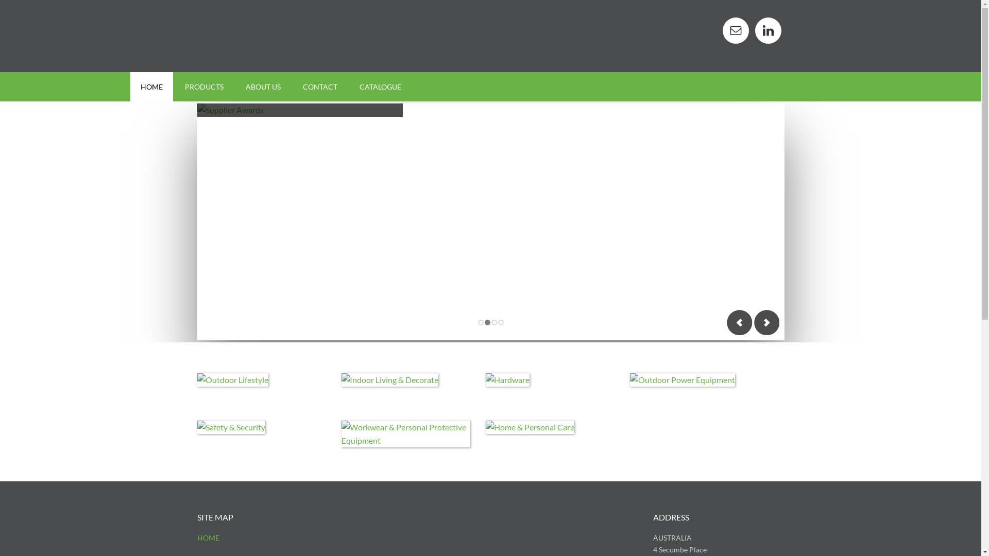 Image resolution: width=989 pixels, height=556 pixels. Describe the element at coordinates (150, 86) in the screenshot. I see `'HOME'` at that location.